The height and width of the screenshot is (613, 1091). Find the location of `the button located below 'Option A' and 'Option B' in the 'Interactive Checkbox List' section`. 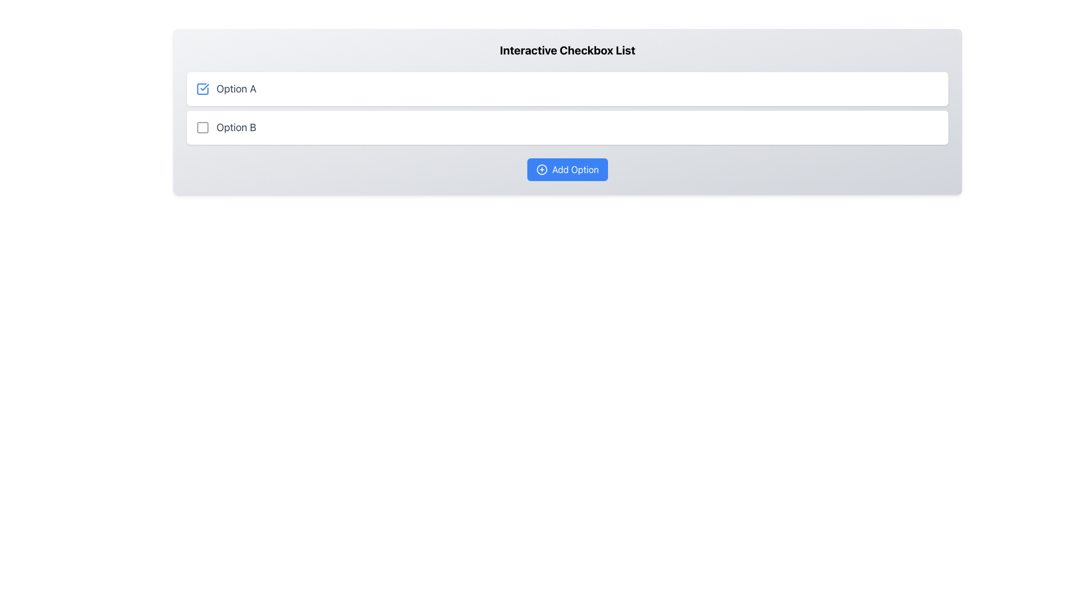

the button located below 'Option A' and 'Option B' in the 'Interactive Checkbox List' section is located at coordinates (567, 162).